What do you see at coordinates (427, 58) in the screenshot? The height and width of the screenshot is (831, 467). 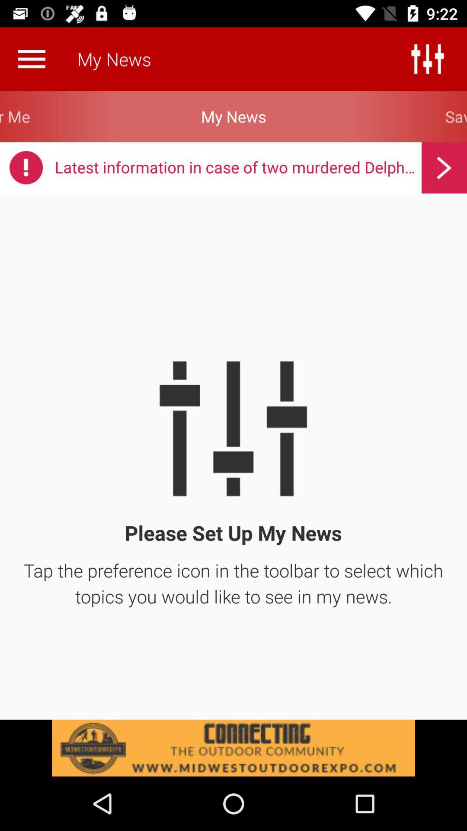 I see `feature preferences` at bounding box center [427, 58].